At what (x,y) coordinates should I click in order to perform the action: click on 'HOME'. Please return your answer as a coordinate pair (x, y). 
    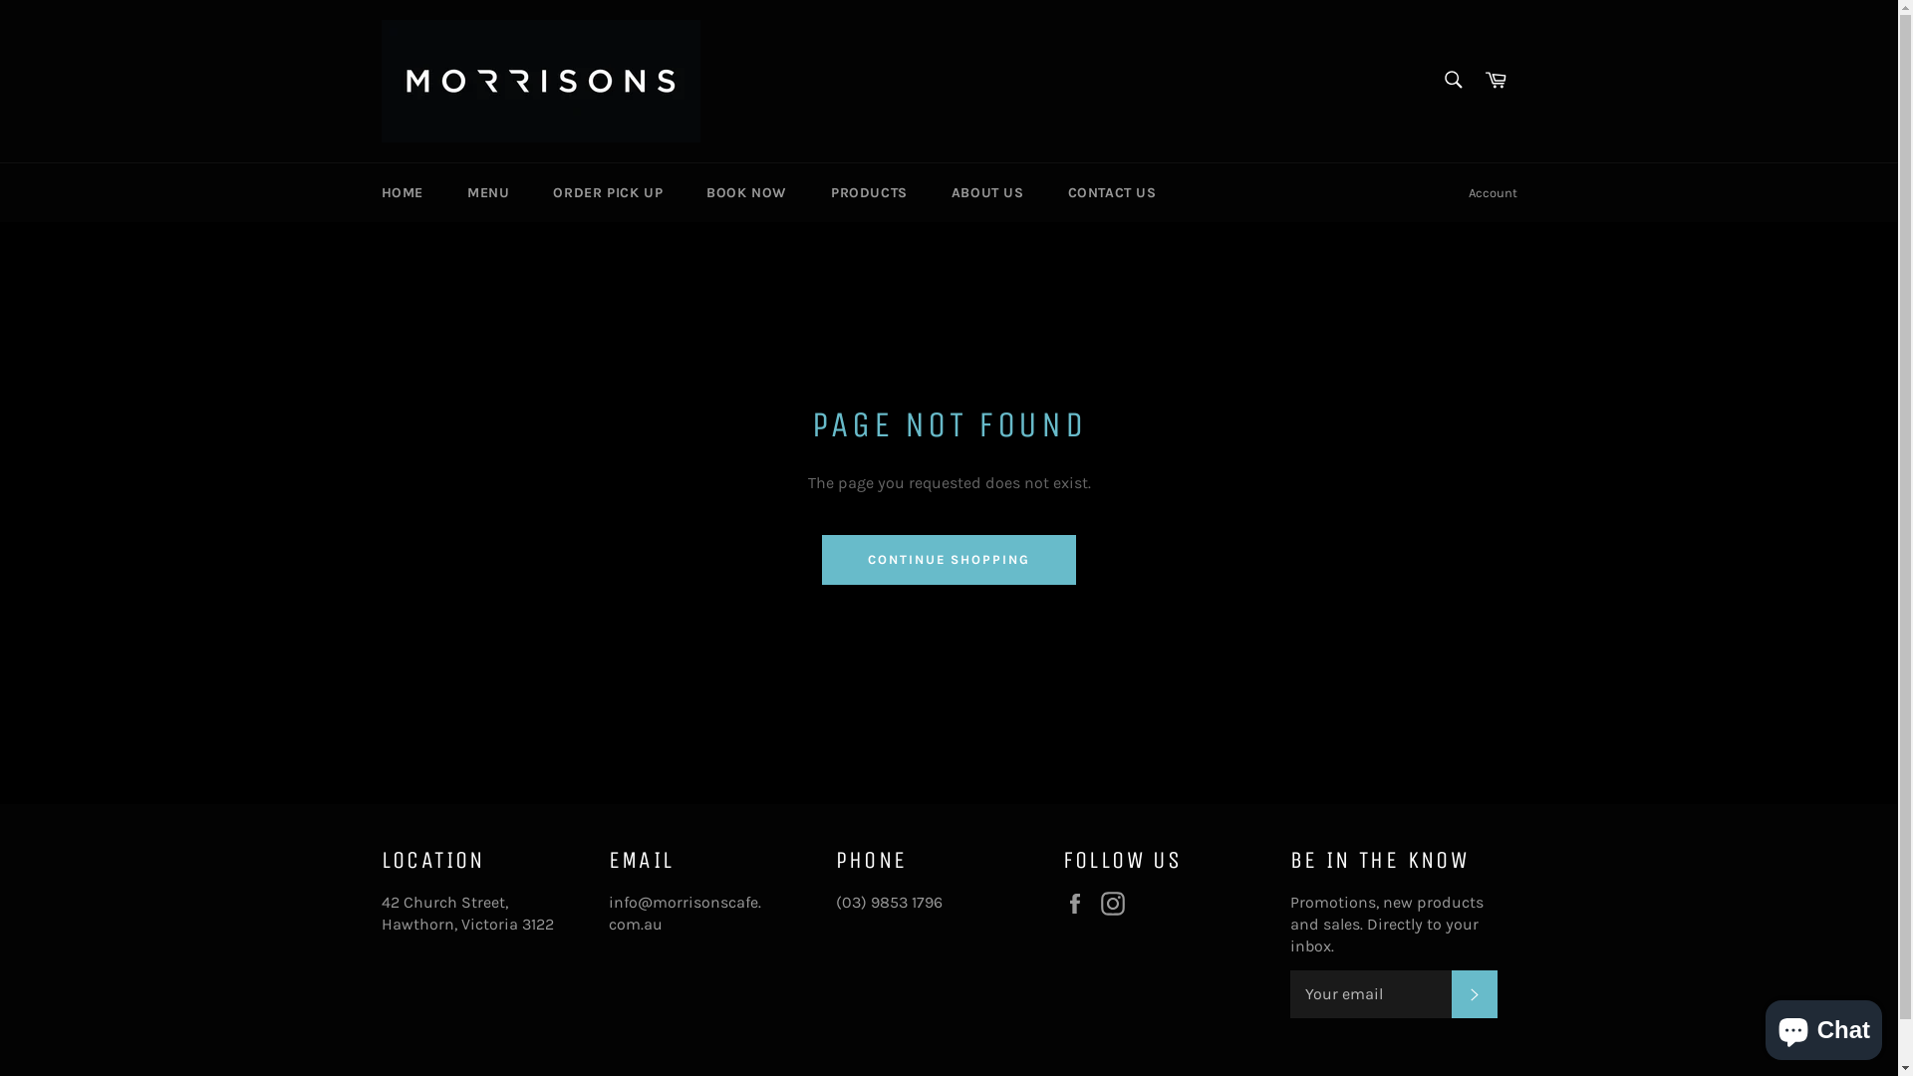
    Looking at the image, I should click on (401, 192).